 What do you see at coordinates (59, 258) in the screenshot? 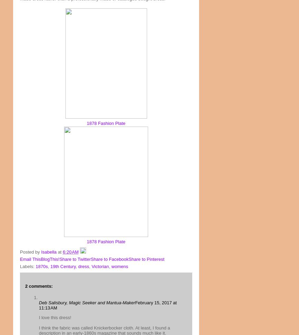
I see `'Share to Twitter'` at bounding box center [59, 258].